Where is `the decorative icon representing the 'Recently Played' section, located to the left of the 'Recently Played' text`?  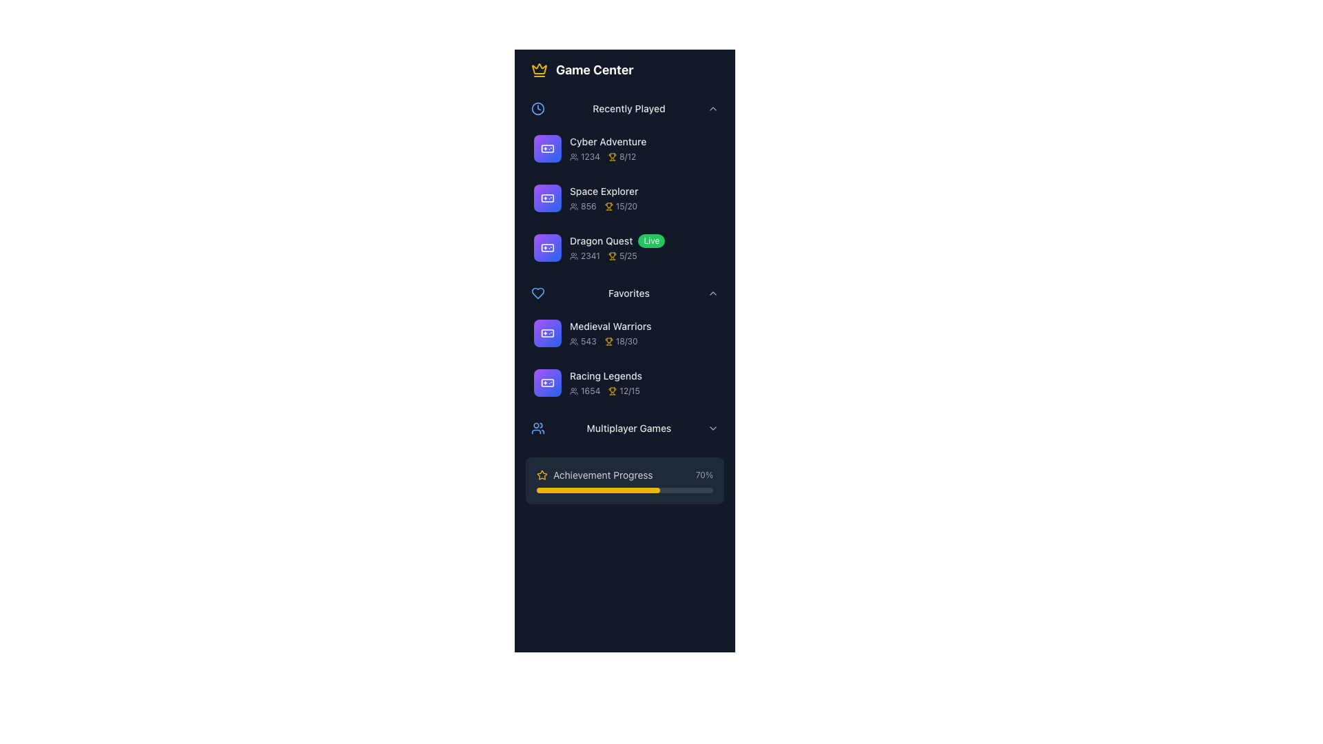 the decorative icon representing the 'Recently Played' section, located to the left of the 'Recently Played' text is located at coordinates (537, 108).